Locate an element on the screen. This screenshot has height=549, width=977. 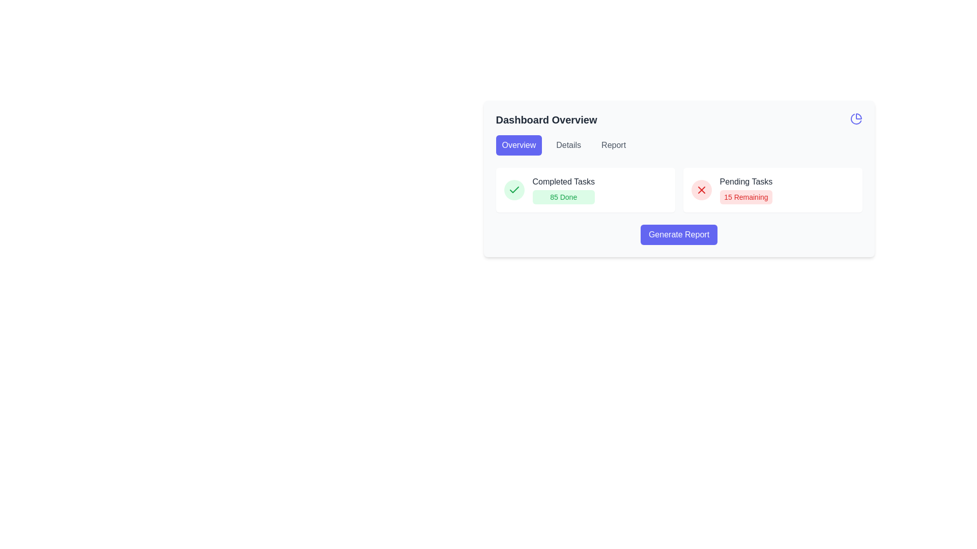
the text label reading 'Completed Tasks', which is styled in dark gray and located above the green button labeled '85 Done' in the dashboard interface is located at coordinates (563, 181).